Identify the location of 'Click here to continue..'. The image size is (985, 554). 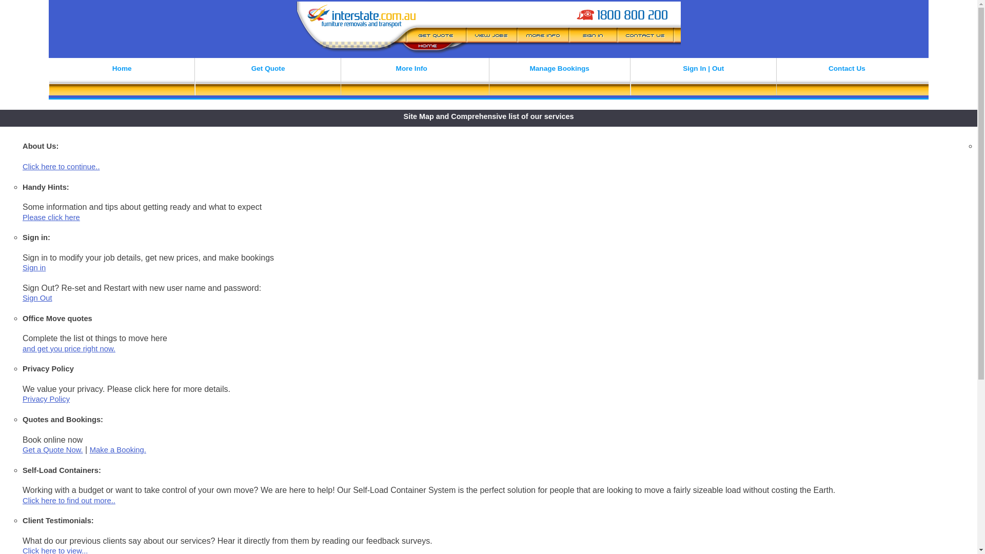
(22, 166).